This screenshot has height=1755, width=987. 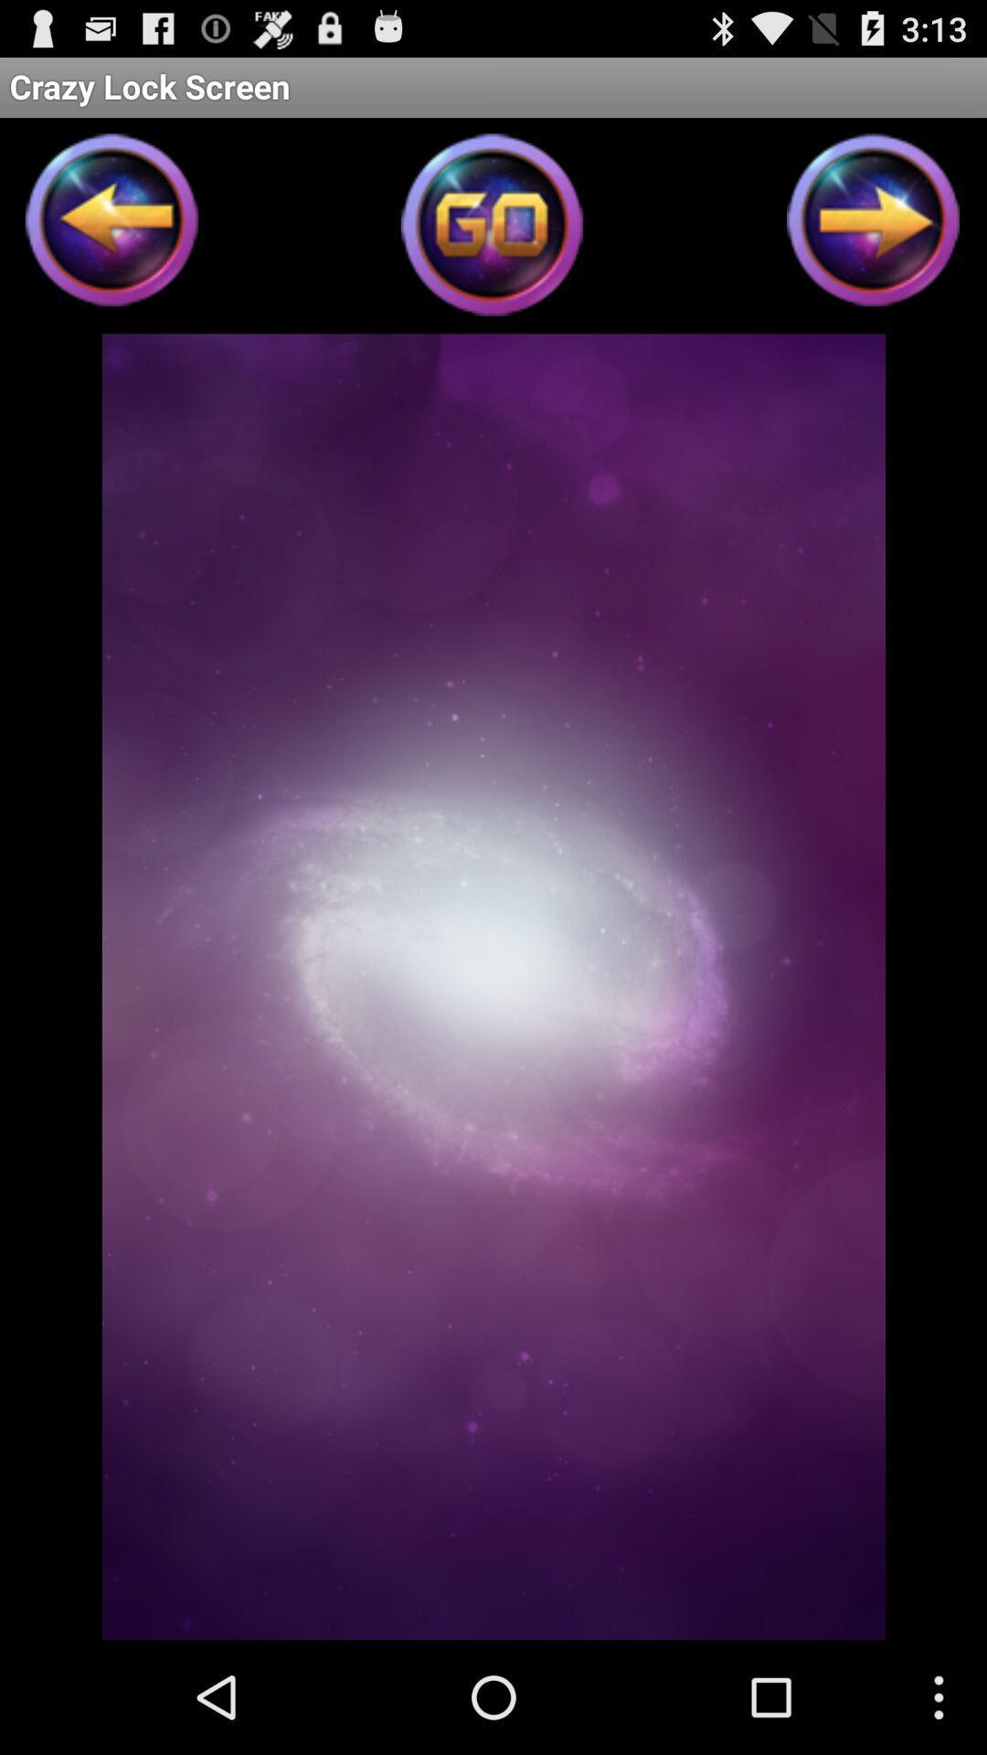 I want to click on previous, so click(x=112, y=225).